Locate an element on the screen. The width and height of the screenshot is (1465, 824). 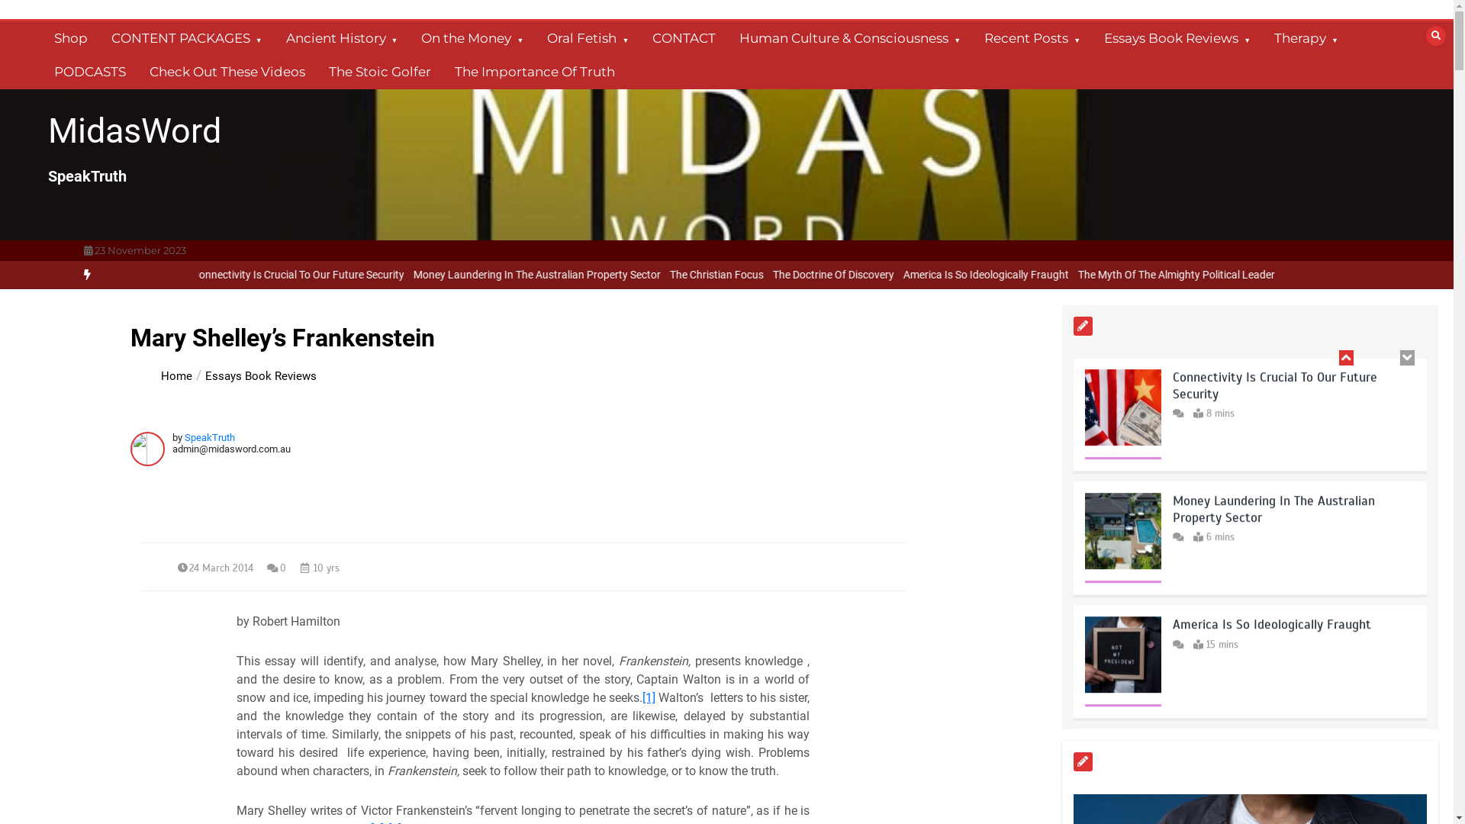
'Shop' is located at coordinates (47, 37).